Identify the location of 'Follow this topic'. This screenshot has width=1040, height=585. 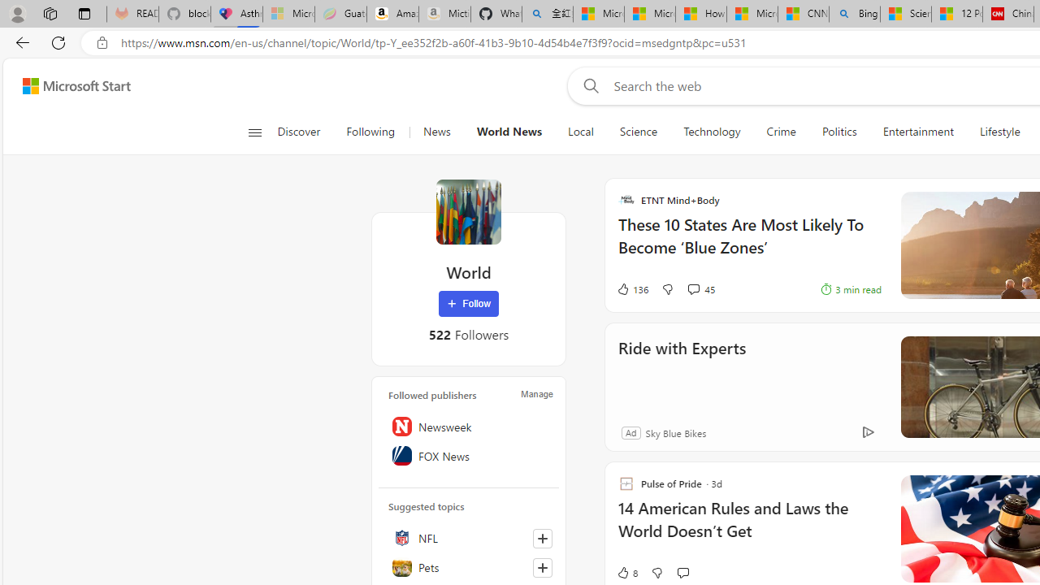
(542, 567).